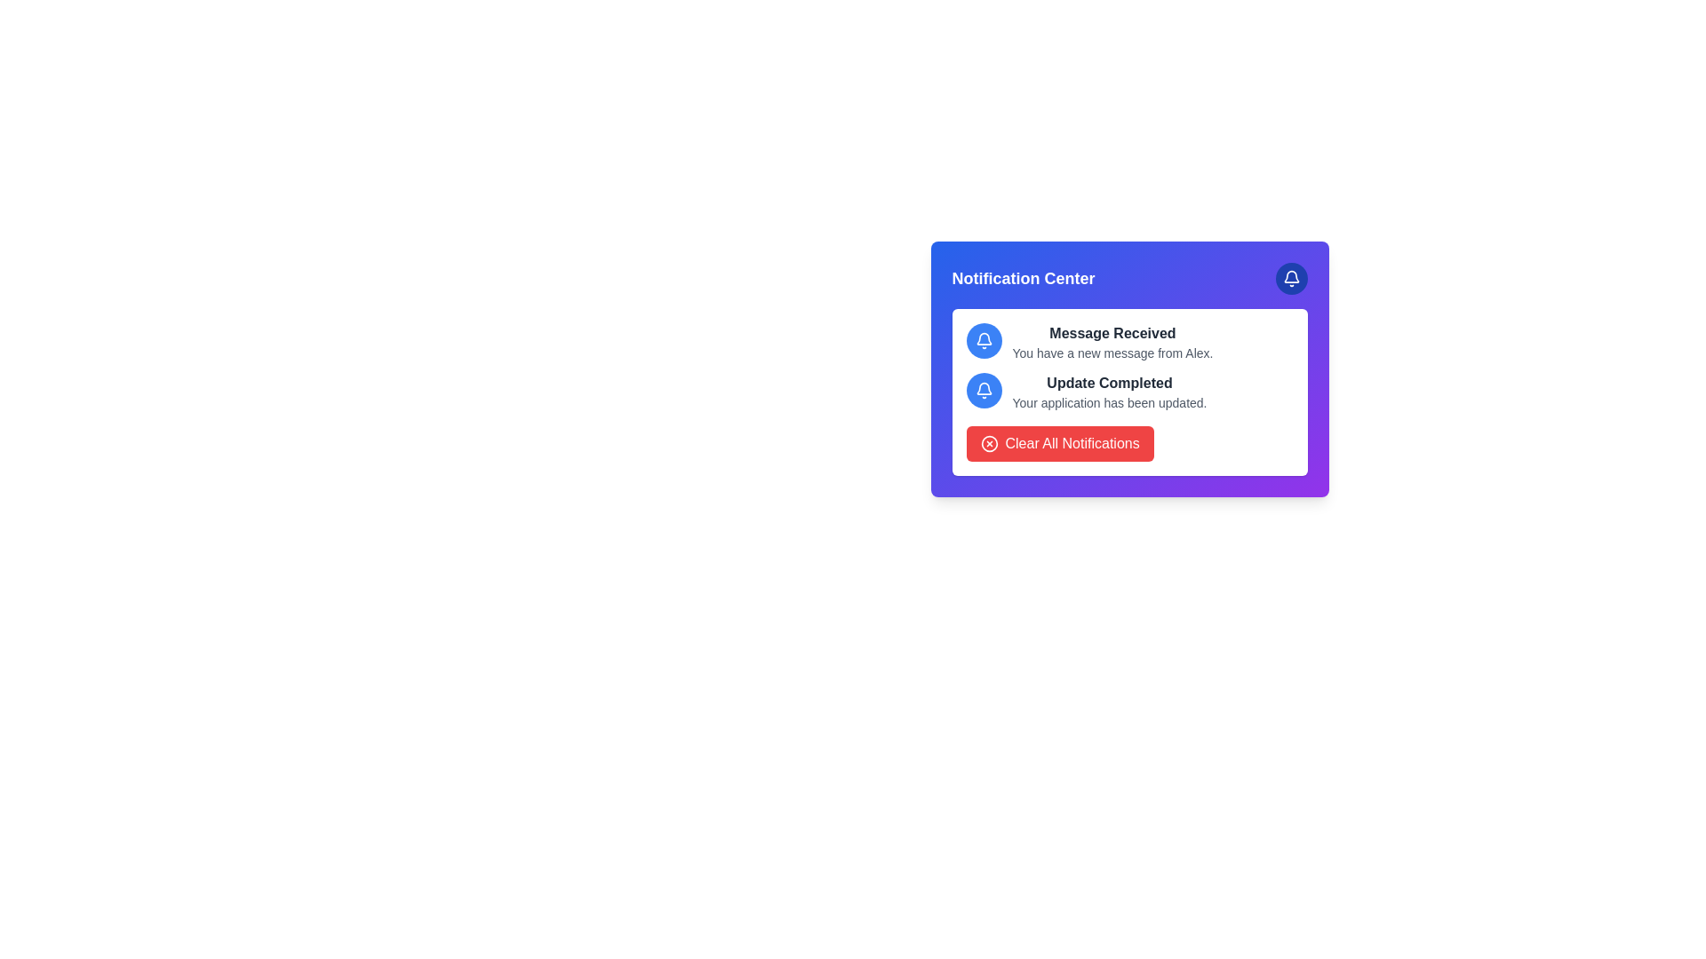  I want to click on the Text Display element that informs the user about a completed update action, located in the second notification of the Notification Center, so click(1108, 392).